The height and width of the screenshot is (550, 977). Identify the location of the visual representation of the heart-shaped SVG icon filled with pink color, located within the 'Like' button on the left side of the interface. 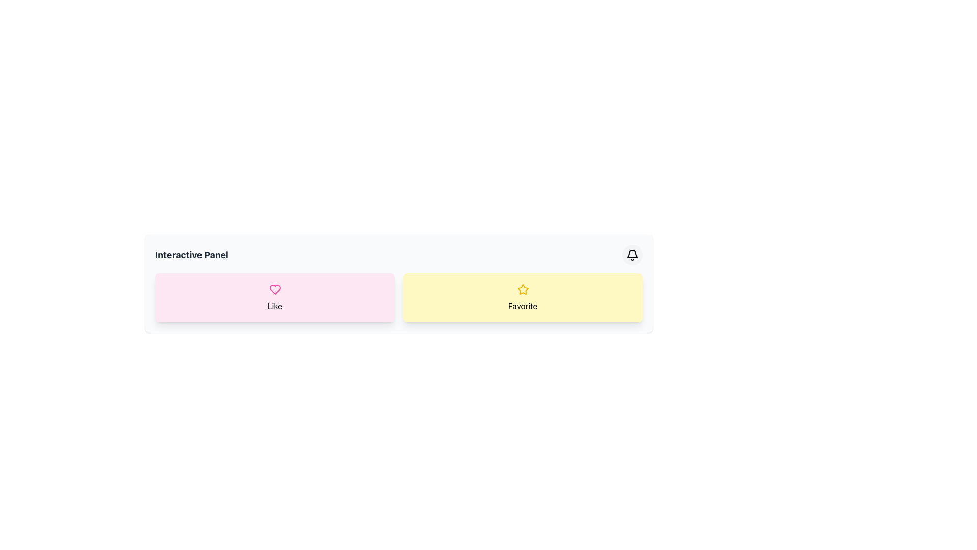
(275, 290).